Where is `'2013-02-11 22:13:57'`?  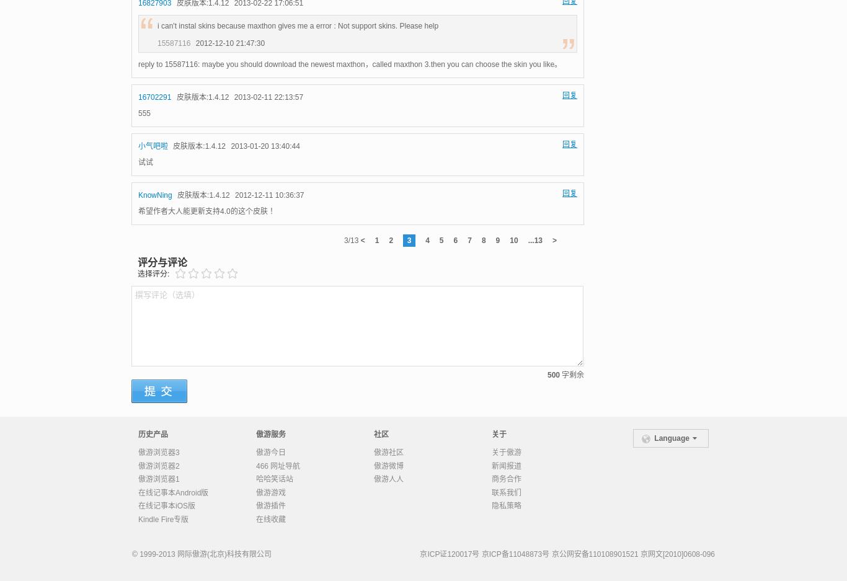 '2013-02-11 22:13:57' is located at coordinates (268, 96).